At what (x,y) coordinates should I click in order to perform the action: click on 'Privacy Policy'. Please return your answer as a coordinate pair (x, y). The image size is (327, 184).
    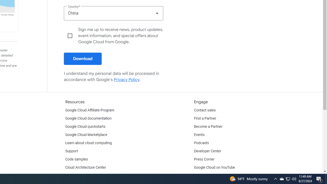
    Looking at the image, I should click on (127, 79).